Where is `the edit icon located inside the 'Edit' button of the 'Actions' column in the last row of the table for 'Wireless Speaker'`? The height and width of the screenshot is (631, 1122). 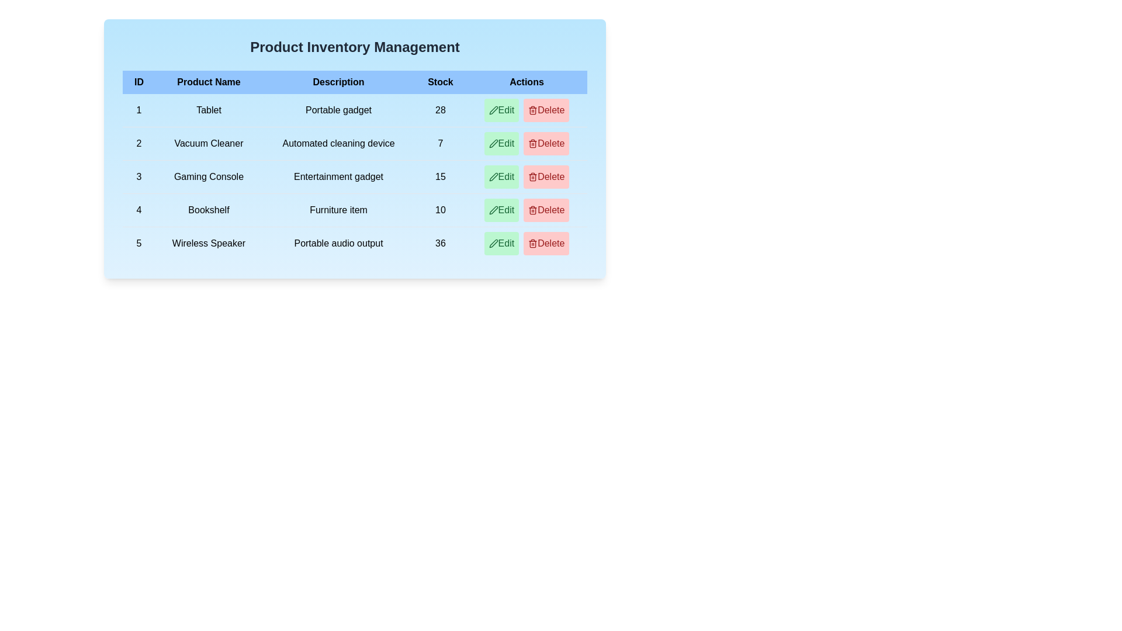
the edit icon located inside the 'Edit' button of the 'Actions' column in the last row of the table for 'Wireless Speaker' is located at coordinates (493, 242).